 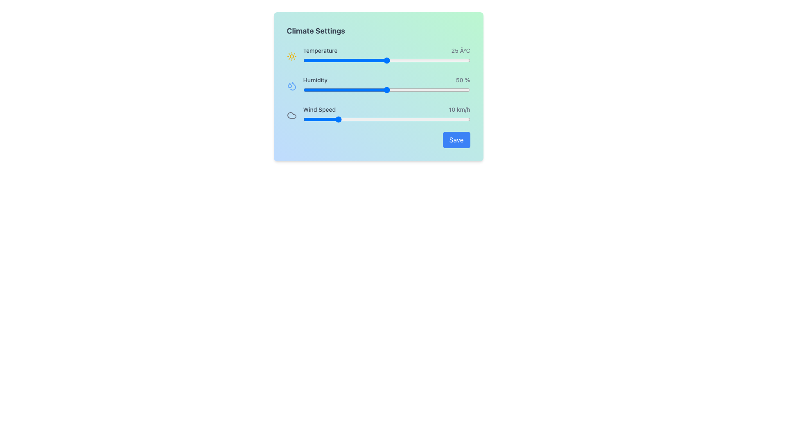 What do you see at coordinates (467, 60) in the screenshot?
I see `the temperature slider` at bounding box center [467, 60].